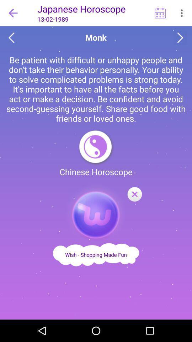  What do you see at coordinates (134, 195) in the screenshot?
I see `the close icon` at bounding box center [134, 195].